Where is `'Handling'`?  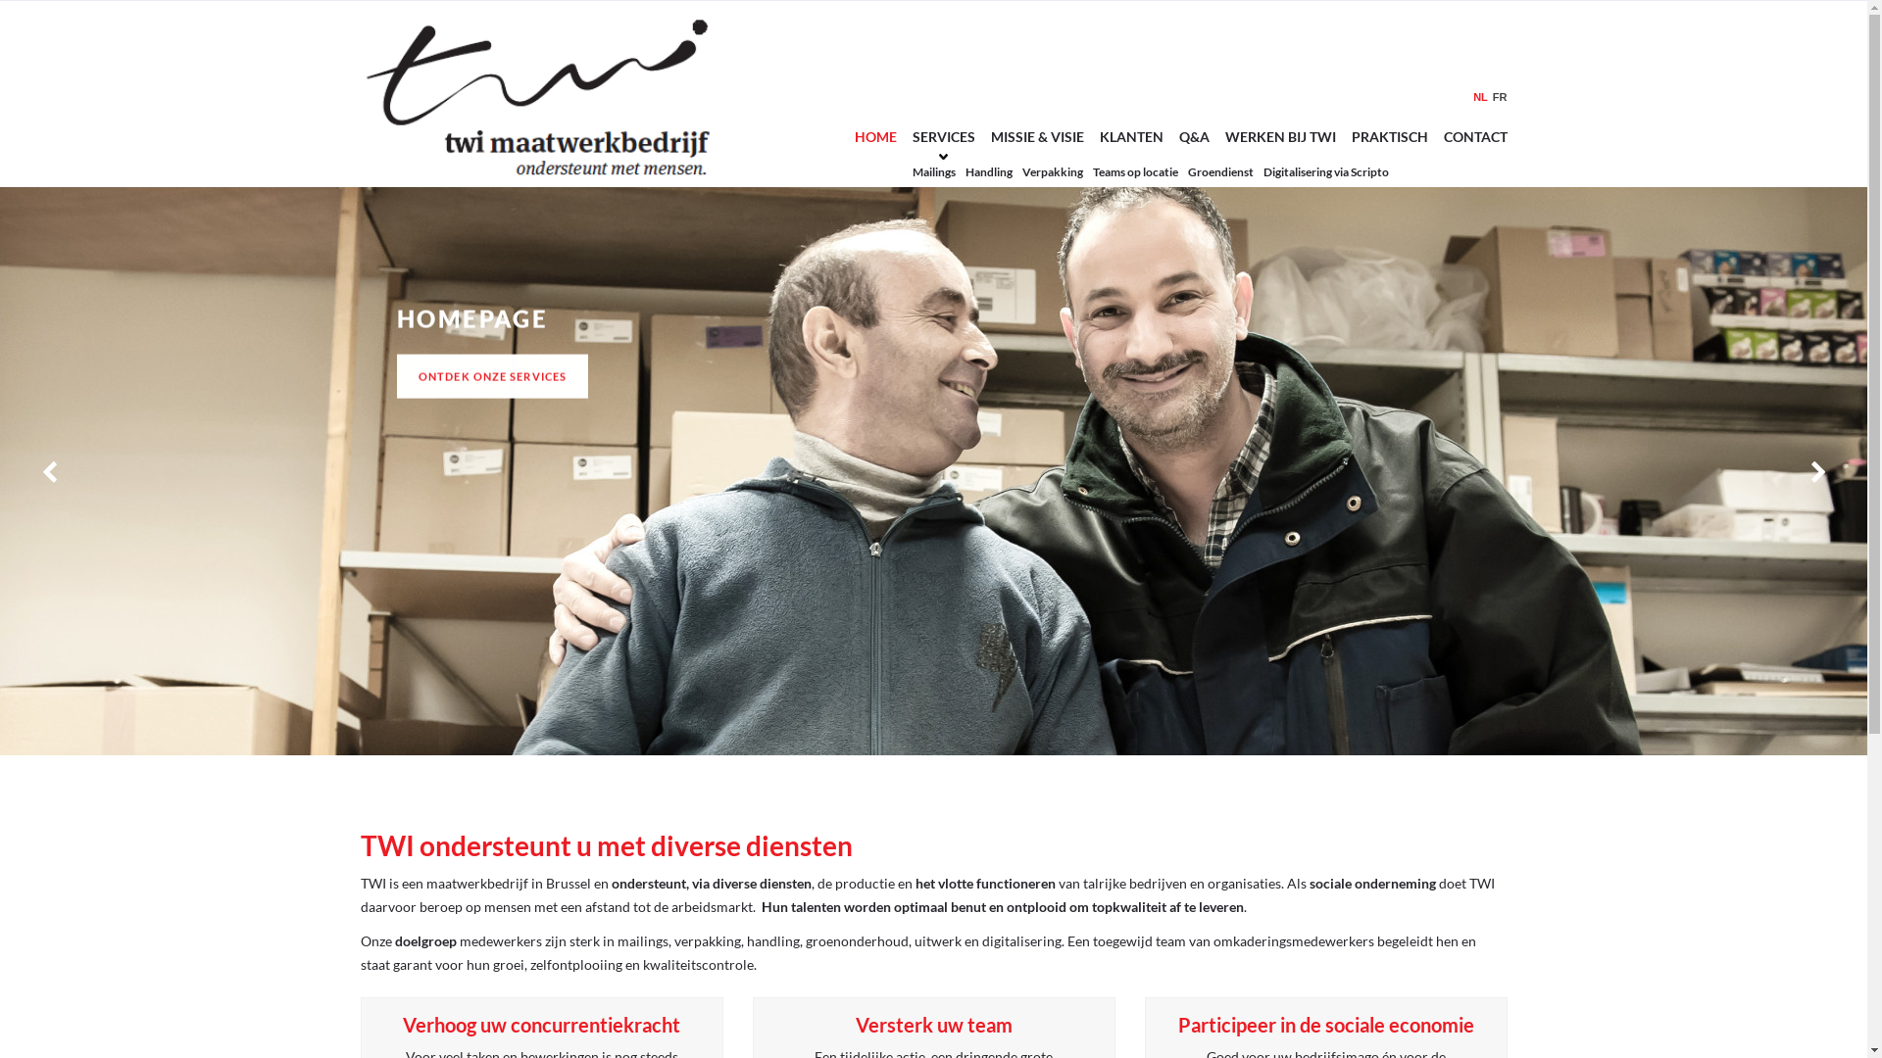 'Handling' is located at coordinates (992, 169).